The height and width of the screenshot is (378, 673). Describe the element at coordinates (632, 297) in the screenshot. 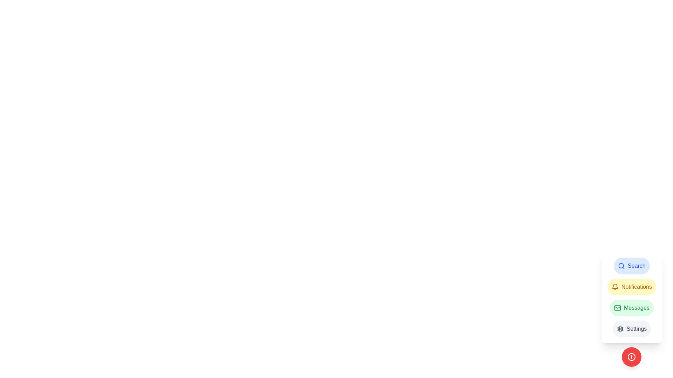

I see `the green, rounded rectangle button labeled 'Messages', which is positioned below the 'Notifications' button and above the 'Settings' button` at that location.